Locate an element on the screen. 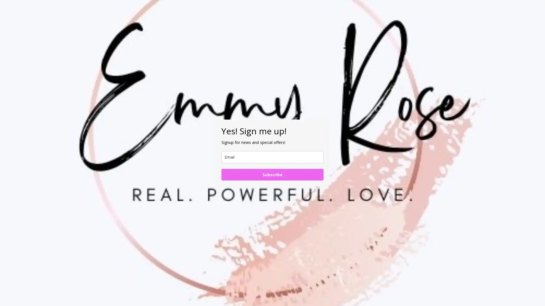 The image size is (545, 306). Subscribe is located at coordinates (272, 174).